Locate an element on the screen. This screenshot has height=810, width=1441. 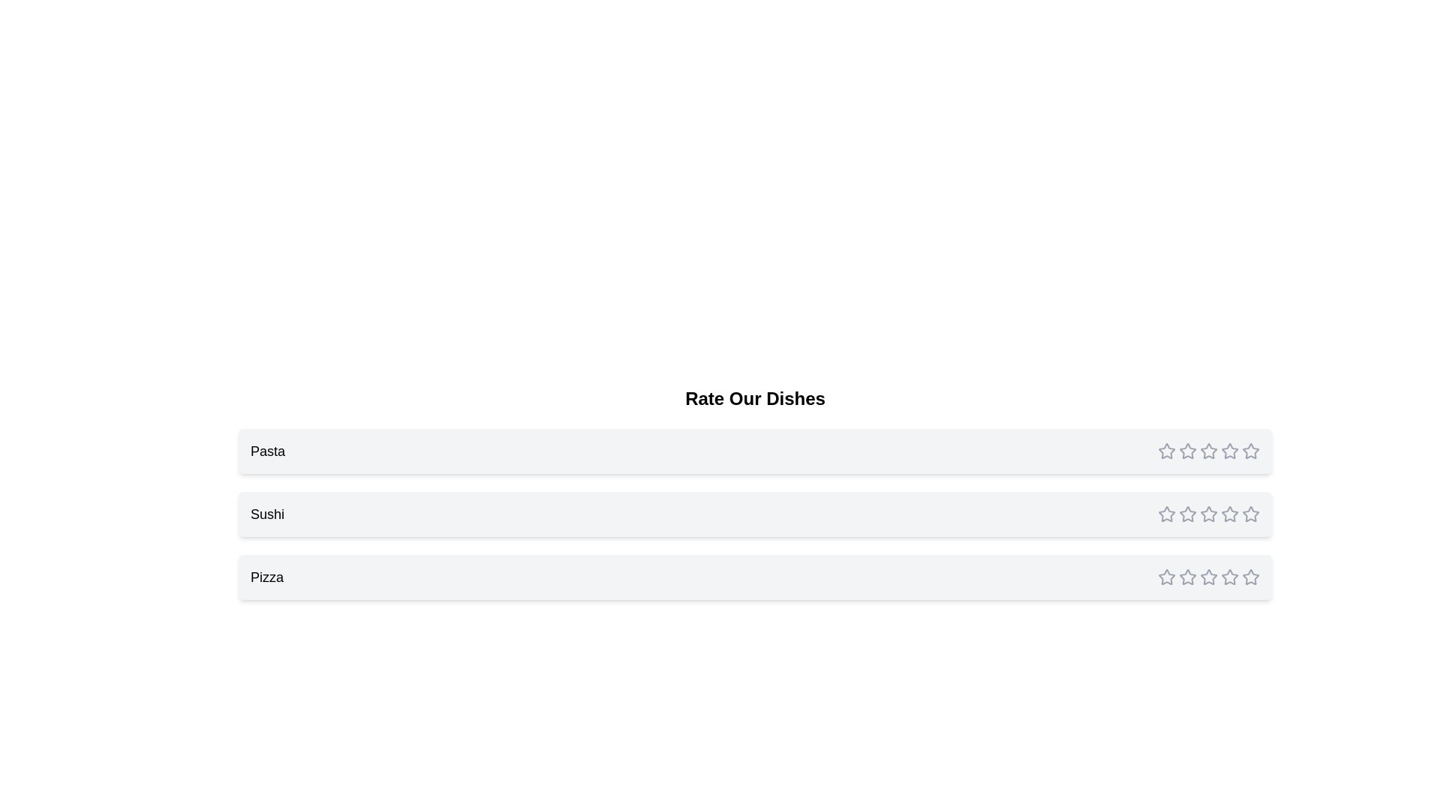
the second yellow star rating icon for the 'Pizza' item in the 'Rate Our Dishes' section is located at coordinates (1187, 577).